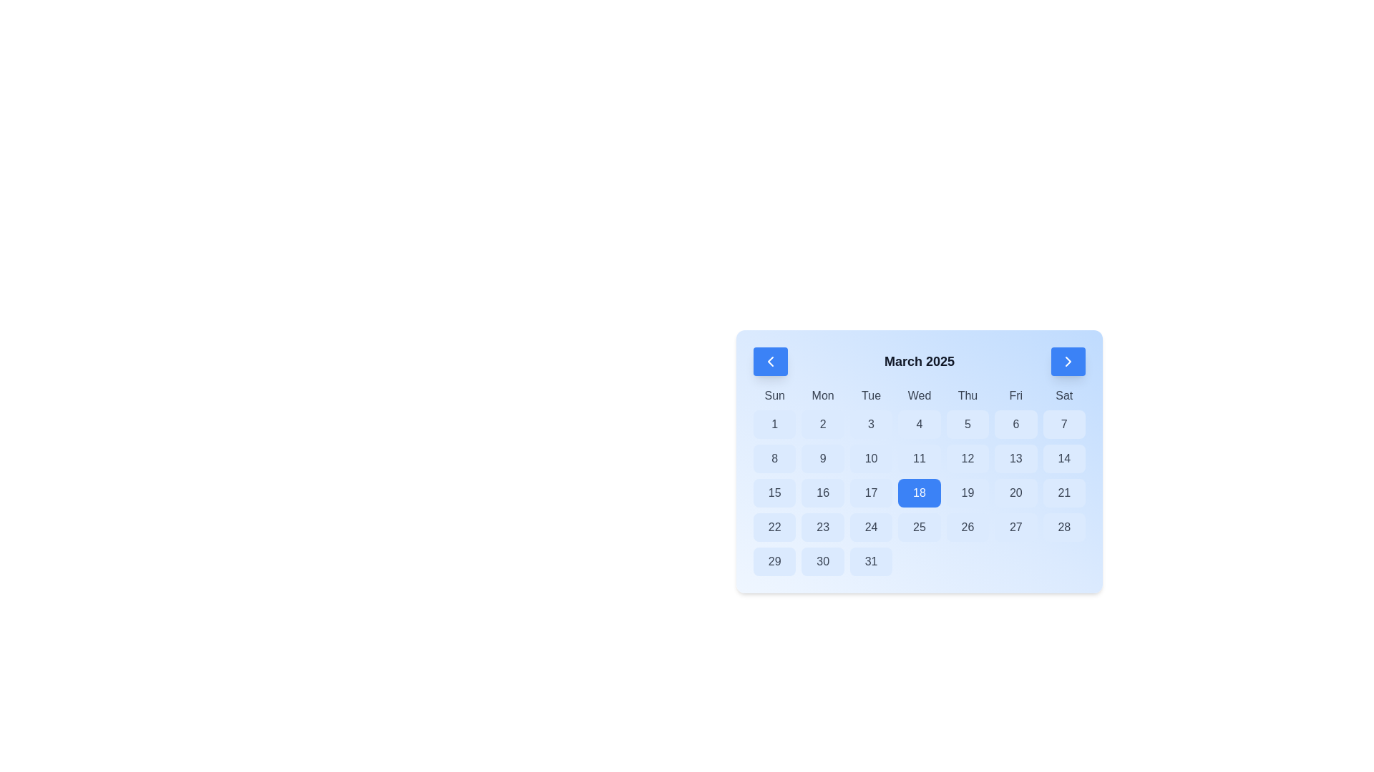 The width and height of the screenshot is (1374, 772). I want to click on the button representing the second day of the month in the calendar interface, so click(823, 424).